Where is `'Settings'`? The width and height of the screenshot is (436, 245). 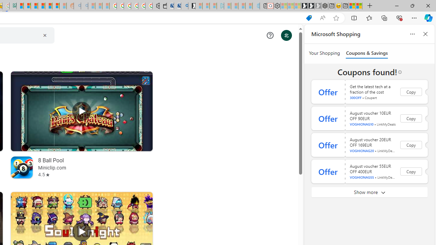
'Settings' is located at coordinates (277, 6).